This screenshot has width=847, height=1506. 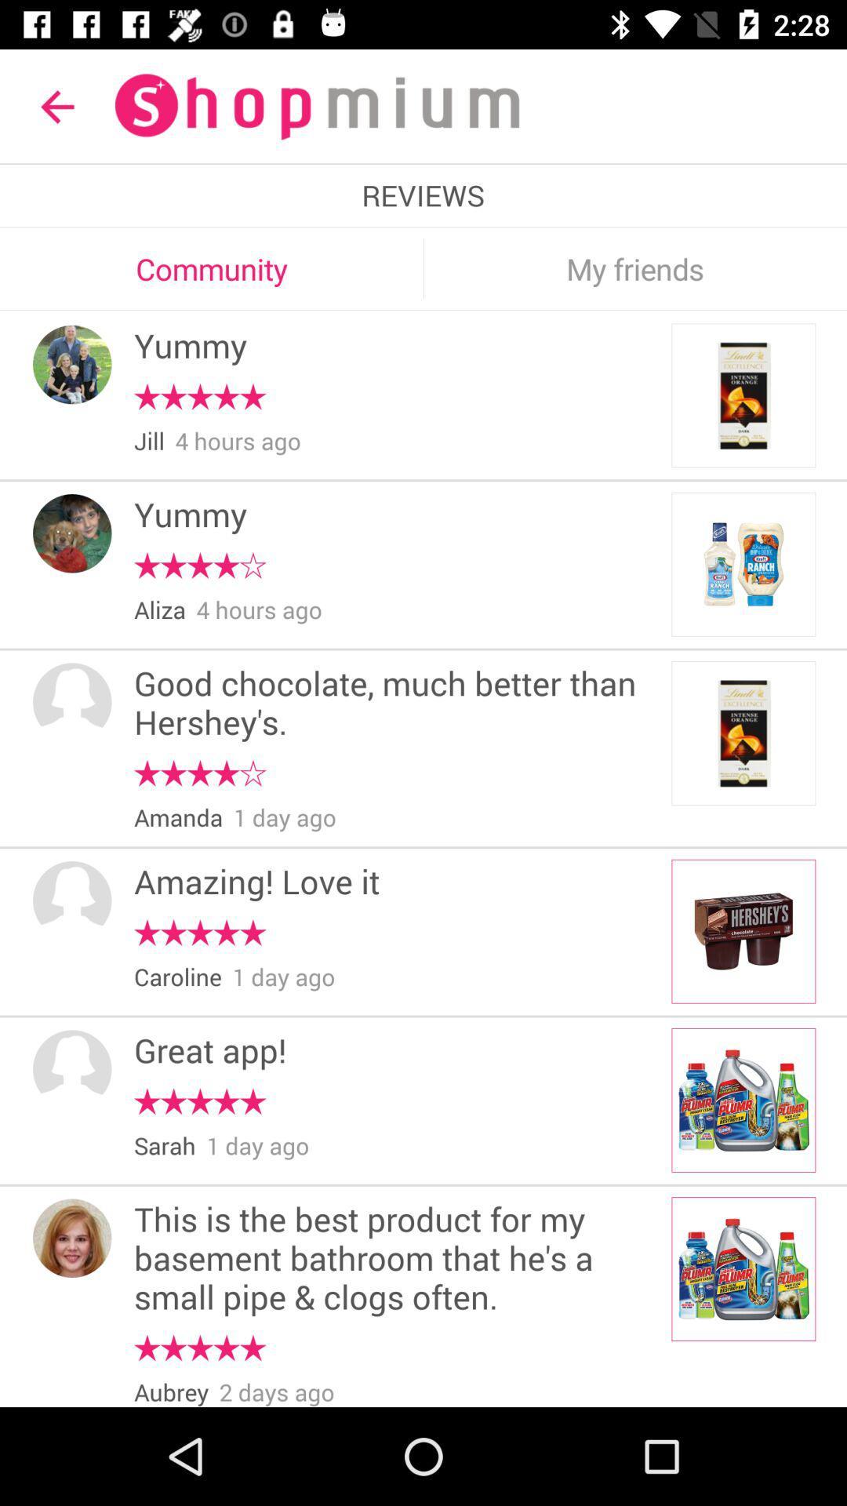 What do you see at coordinates (72, 900) in the screenshot?
I see `the profile icon in the fourth block` at bounding box center [72, 900].